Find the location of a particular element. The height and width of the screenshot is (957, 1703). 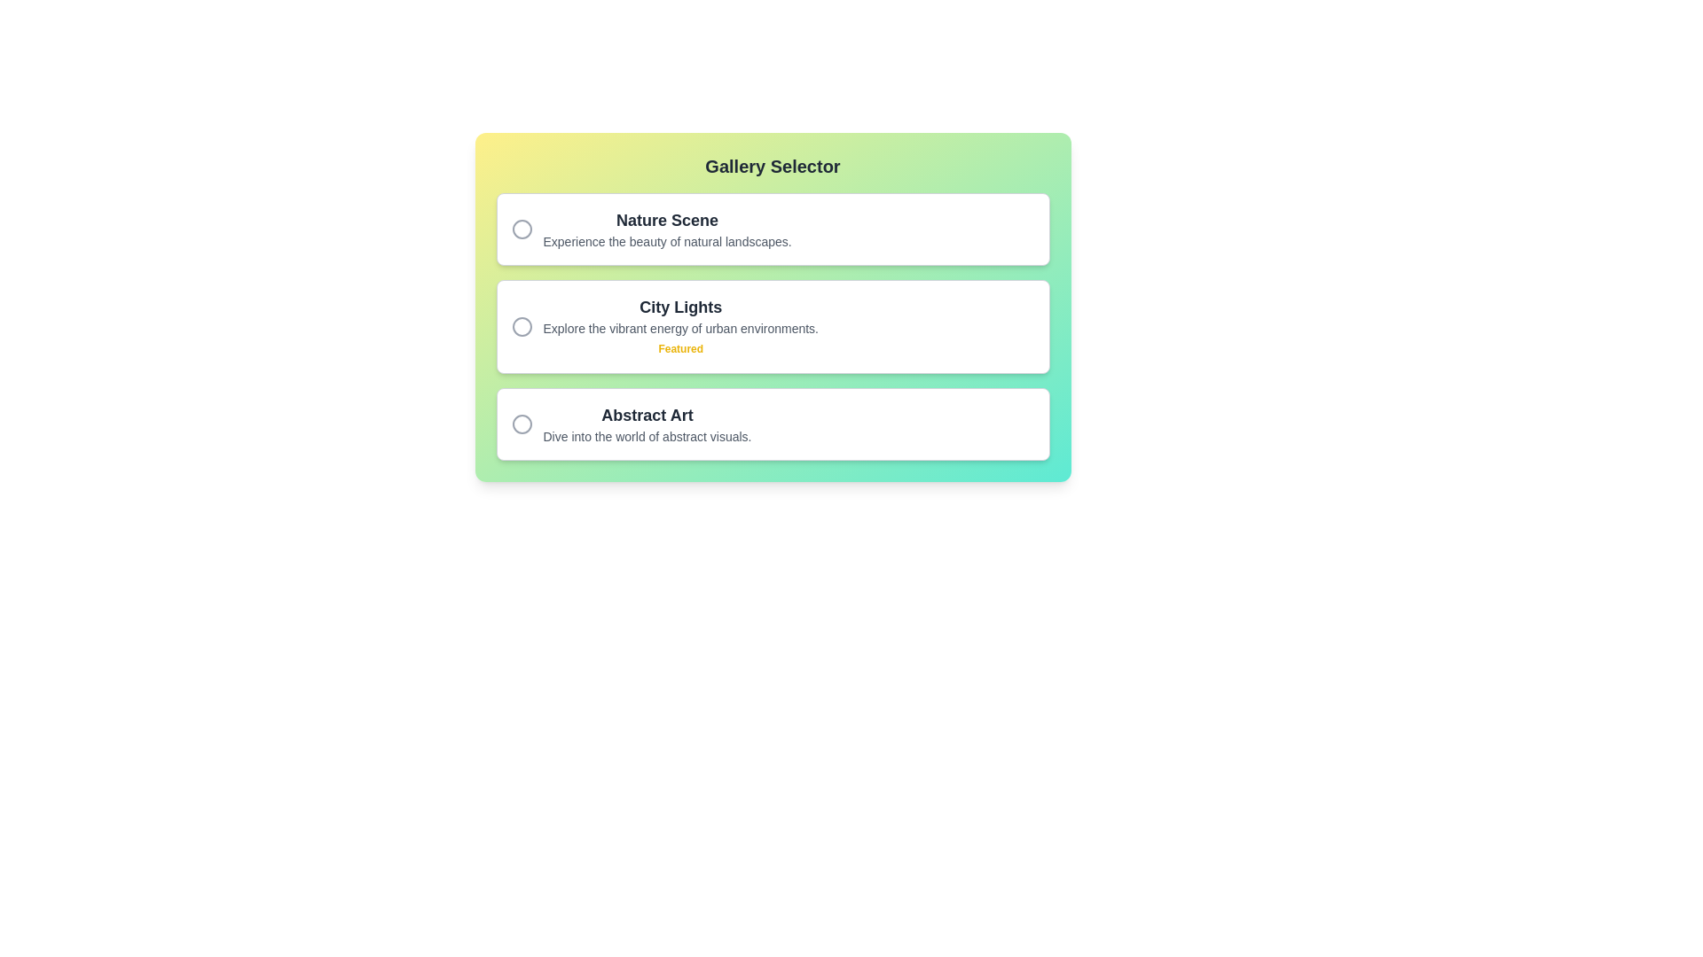

the radio button located to the left of the text 'Nature Scene' is located at coordinates (521, 228).